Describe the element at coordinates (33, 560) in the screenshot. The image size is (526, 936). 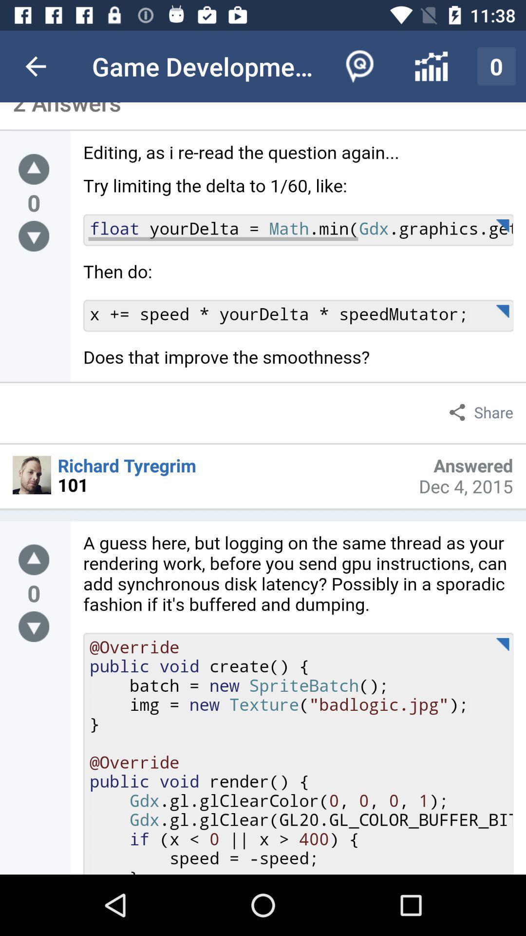
I see `up and town button` at that location.